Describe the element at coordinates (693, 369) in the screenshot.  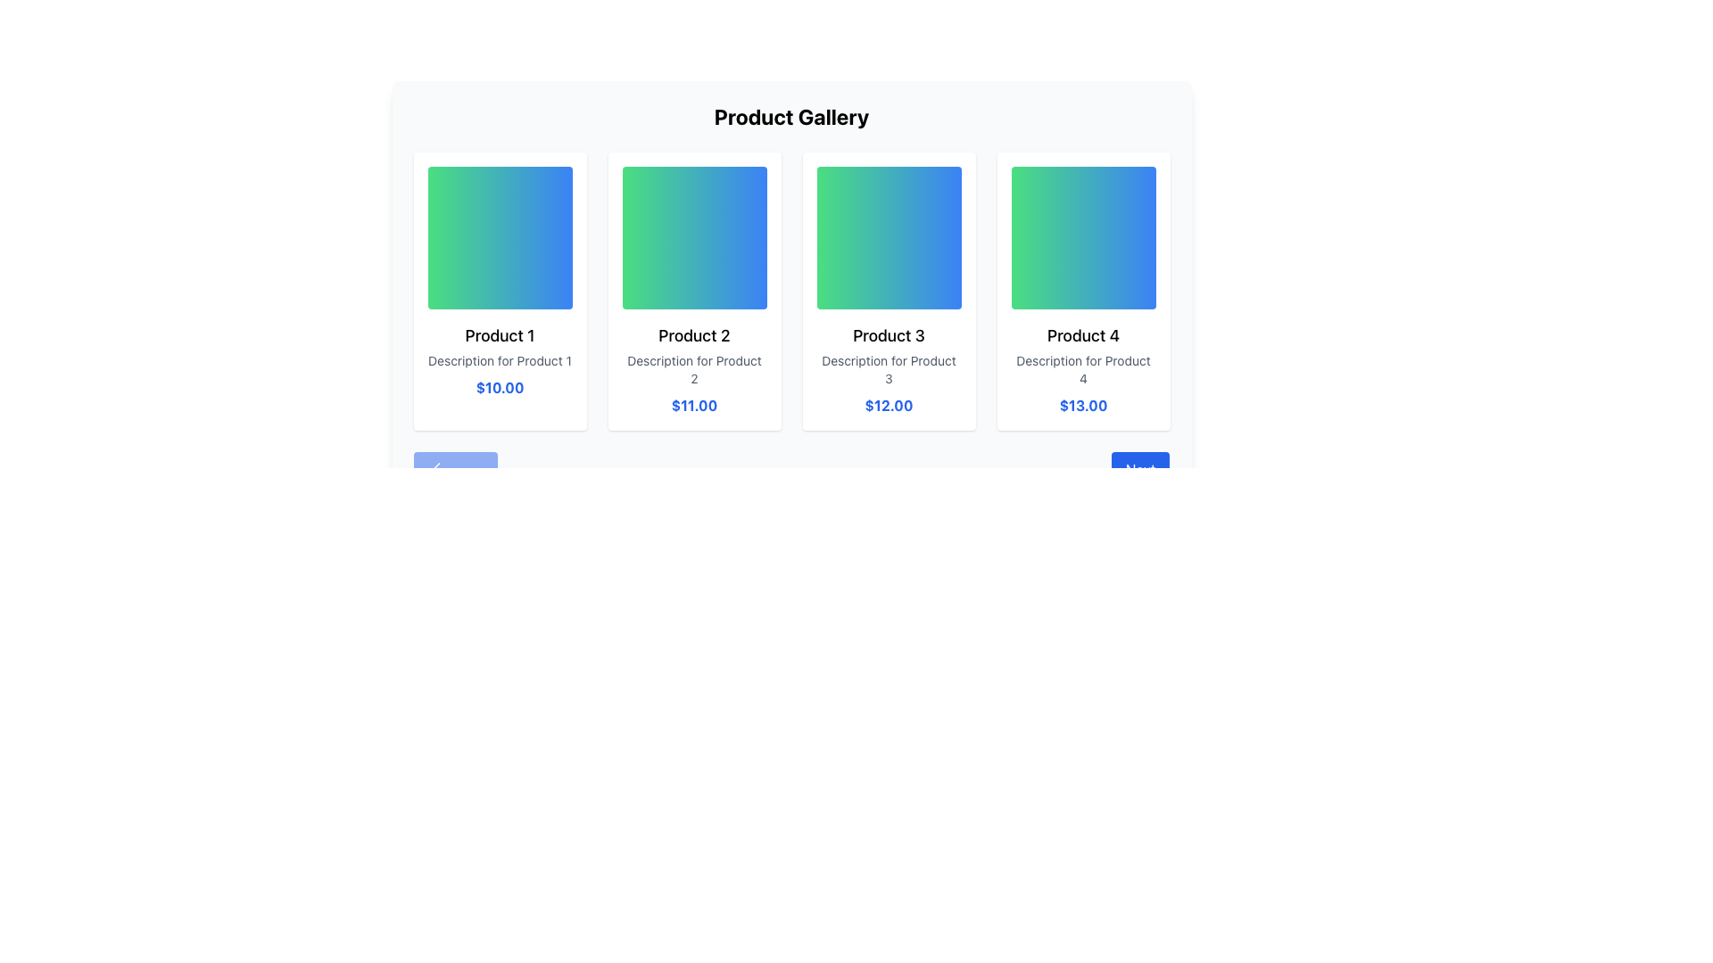
I see `the textual description of 'Product 2' which is situated between the title 'Product 2' and the price label '$11.00'` at that location.